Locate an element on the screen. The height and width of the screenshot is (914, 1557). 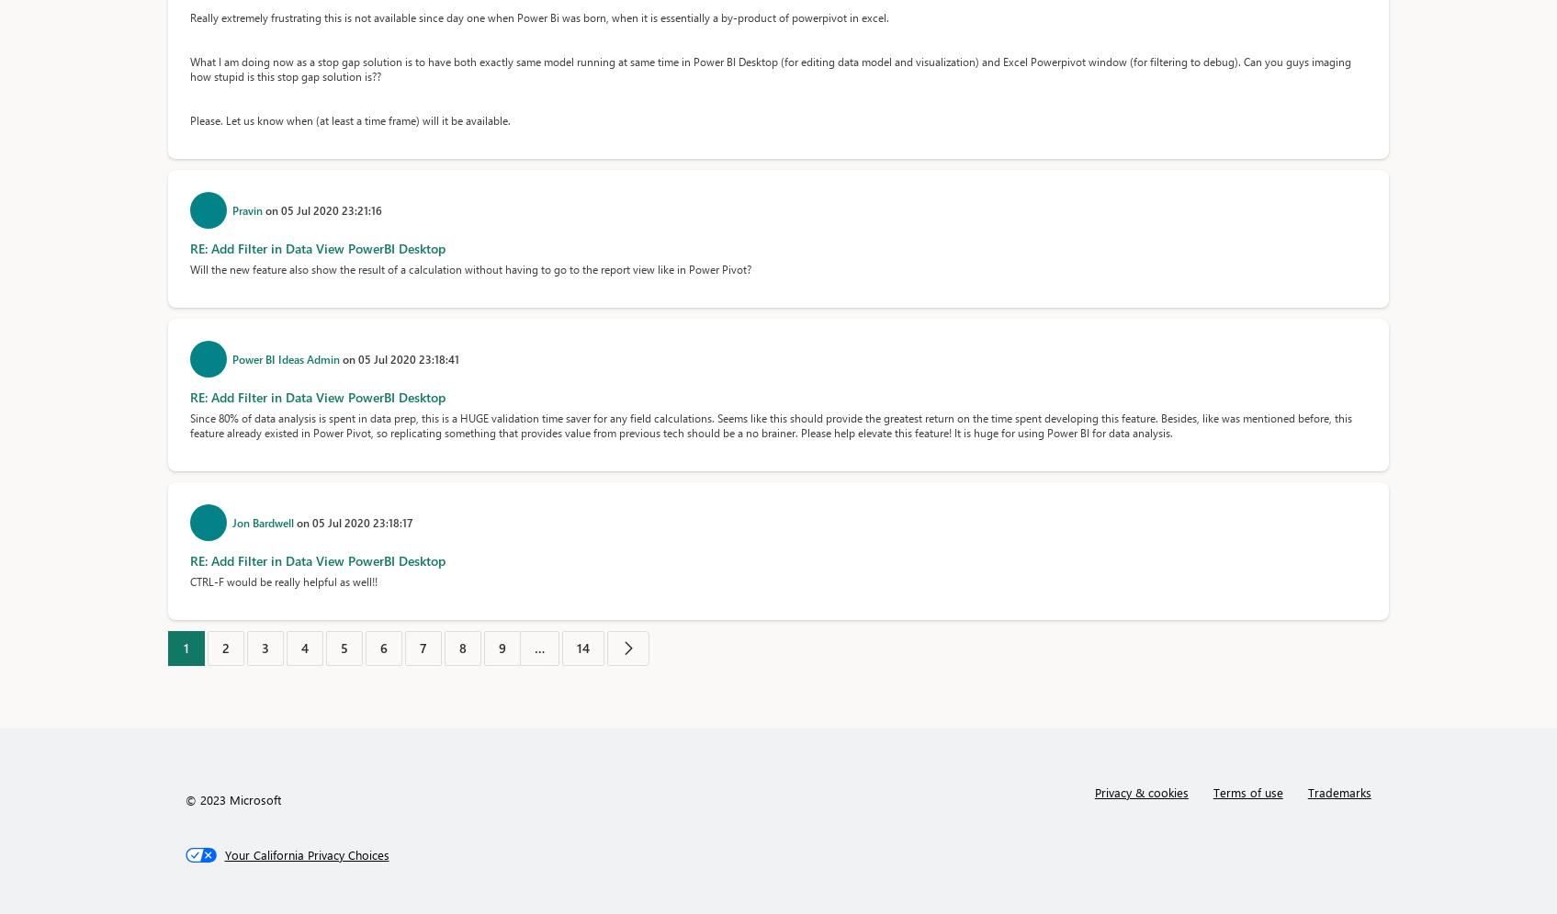
'Jon Bardwell' is located at coordinates (262, 523).